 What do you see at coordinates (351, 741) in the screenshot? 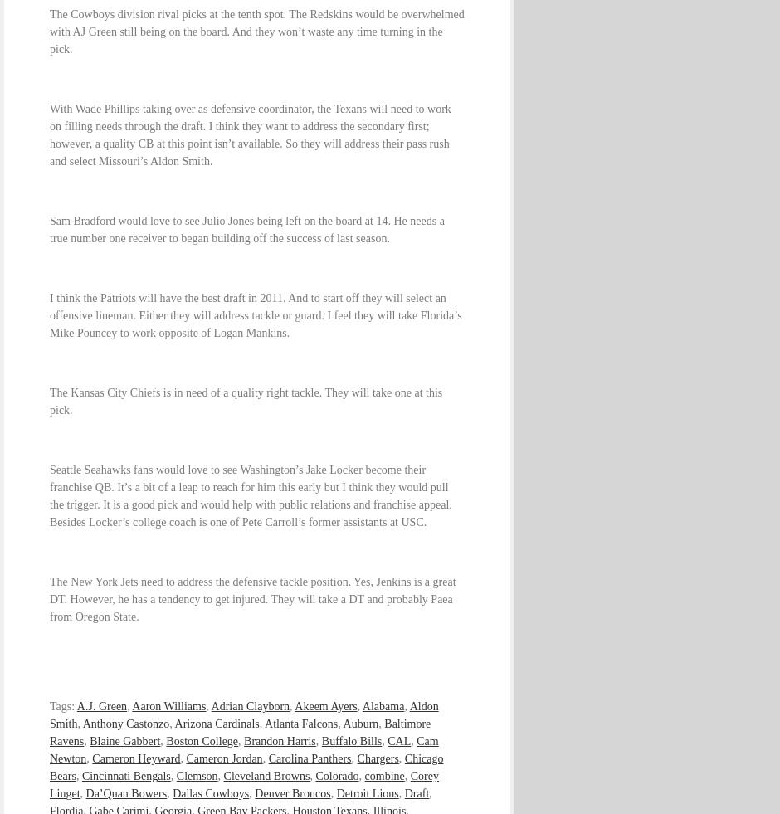
I see `'Buffalo Bills'` at bounding box center [351, 741].